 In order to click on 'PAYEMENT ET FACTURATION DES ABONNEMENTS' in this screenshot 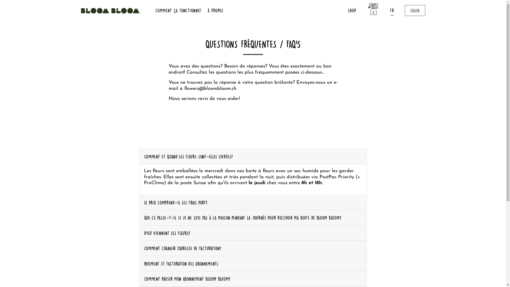, I will do `click(253, 264)`.